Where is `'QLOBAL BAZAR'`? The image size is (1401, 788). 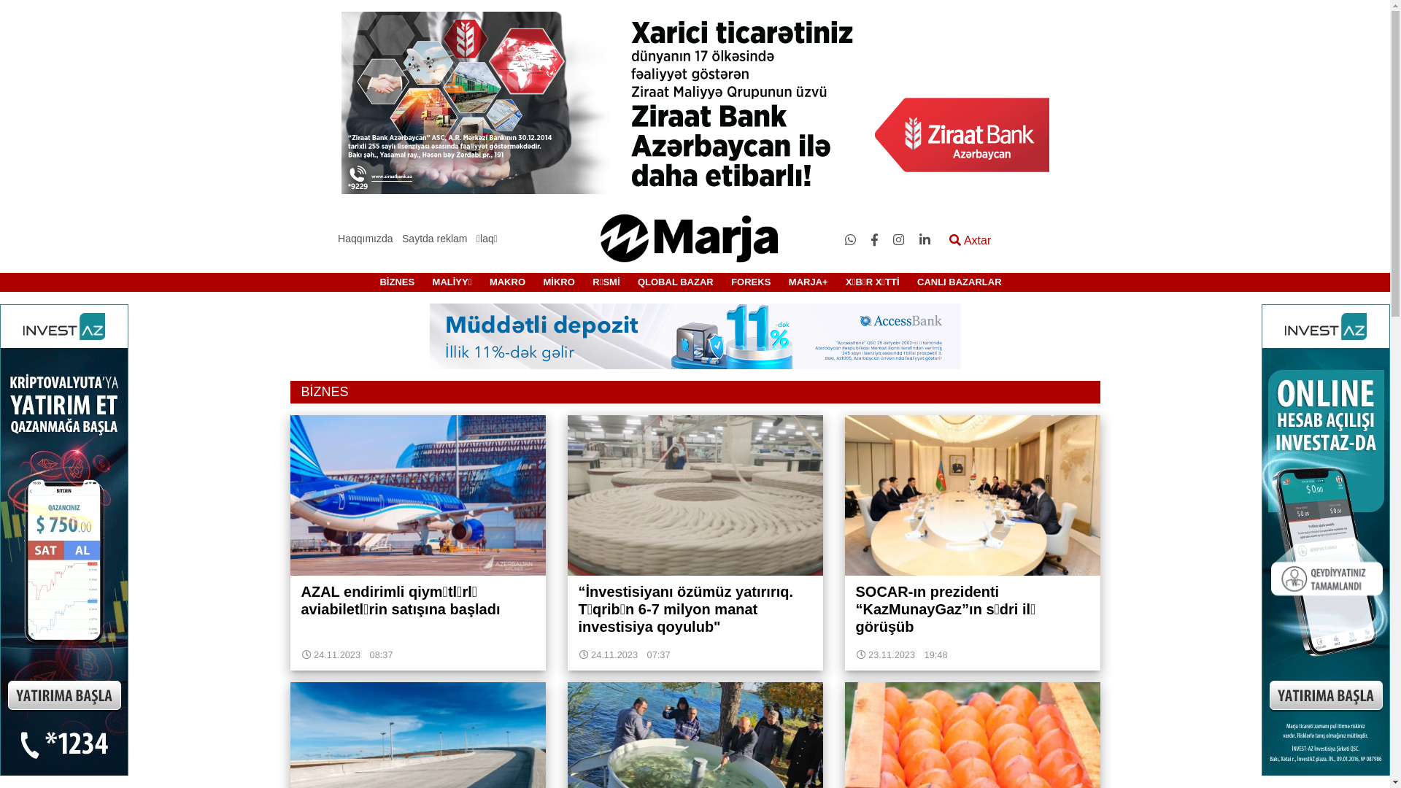
'QLOBAL BAZAR' is located at coordinates (675, 282).